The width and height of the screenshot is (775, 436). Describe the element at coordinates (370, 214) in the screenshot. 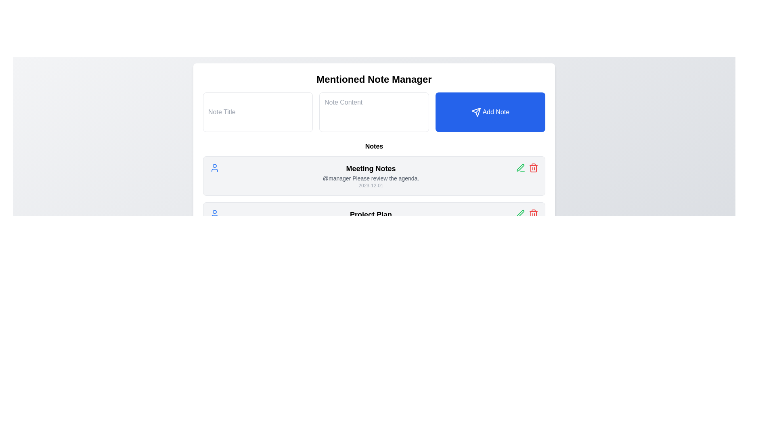

I see `the 'Project Plan' text label, which is a bold and larger font heading located above the text '@team Proceed with the next phase.' and the date '2023-12-03'` at that location.